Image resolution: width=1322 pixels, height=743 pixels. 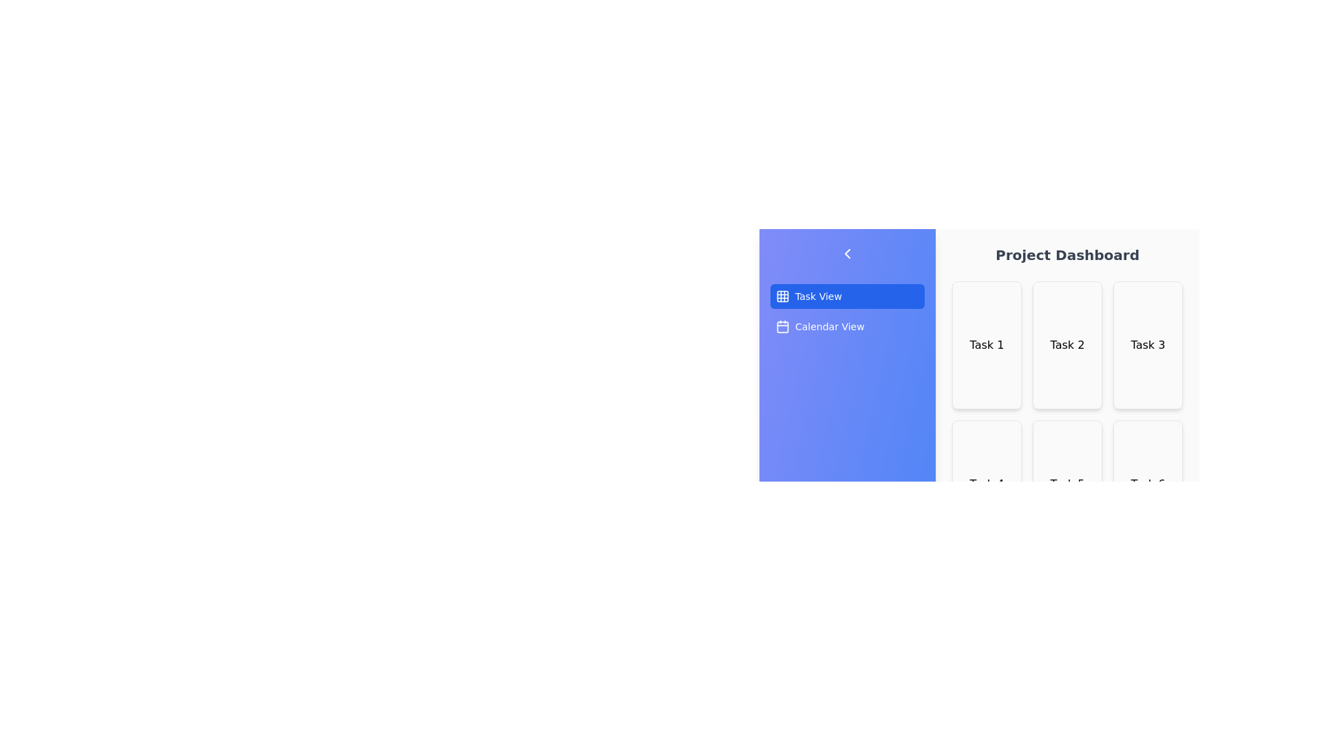 What do you see at coordinates (846, 296) in the screenshot?
I see `the 'Task View' button to switch the view` at bounding box center [846, 296].